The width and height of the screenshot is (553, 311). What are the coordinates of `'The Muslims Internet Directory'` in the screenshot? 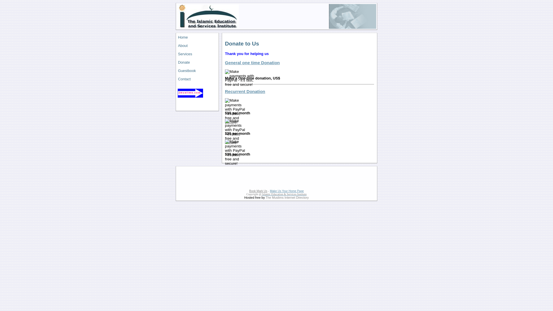 It's located at (287, 197).